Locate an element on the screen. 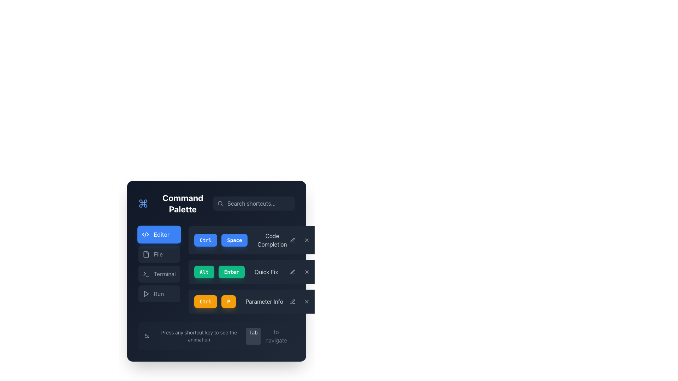 The width and height of the screenshot is (678, 381). the 'Tab' text label styled as a button, which serves as an indicator for keyboard navigation functionality, located in the bottom-right area of the dark-themed user interface is located at coordinates (253, 335).